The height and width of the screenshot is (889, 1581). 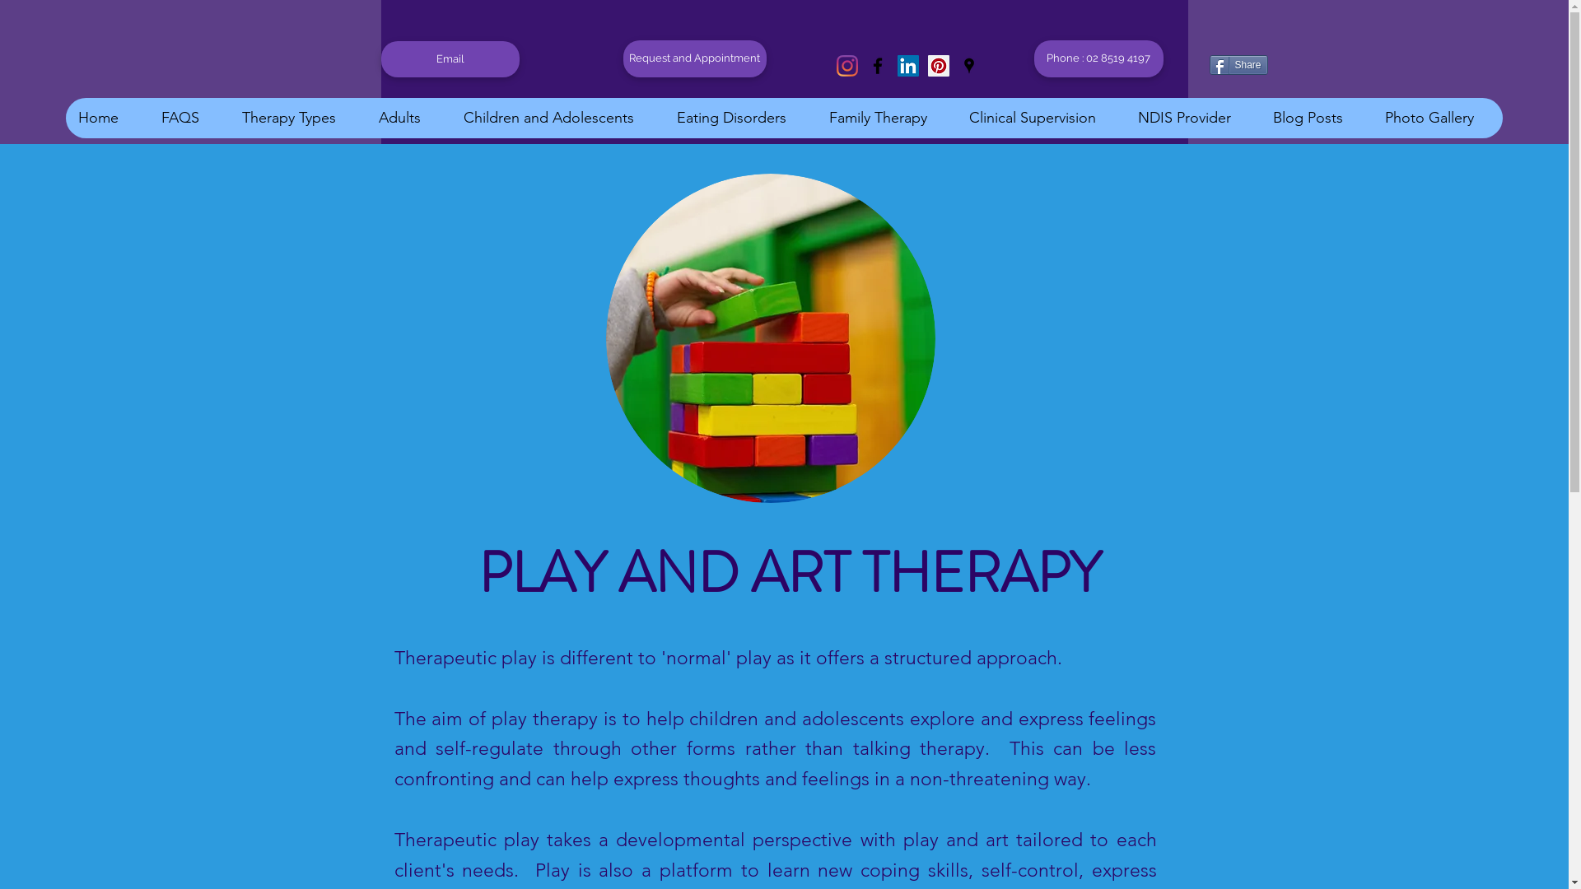 I want to click on 'Share', so click(x=1238, y=63).